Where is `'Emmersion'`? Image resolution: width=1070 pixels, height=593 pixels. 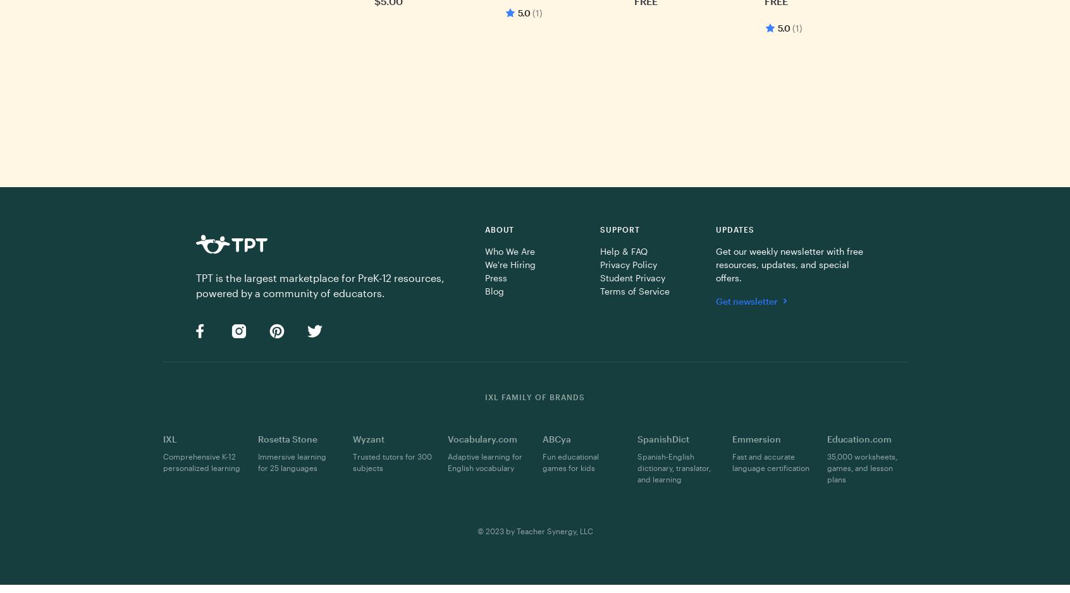 'Emmersion' is located at coordinates (756, 438).